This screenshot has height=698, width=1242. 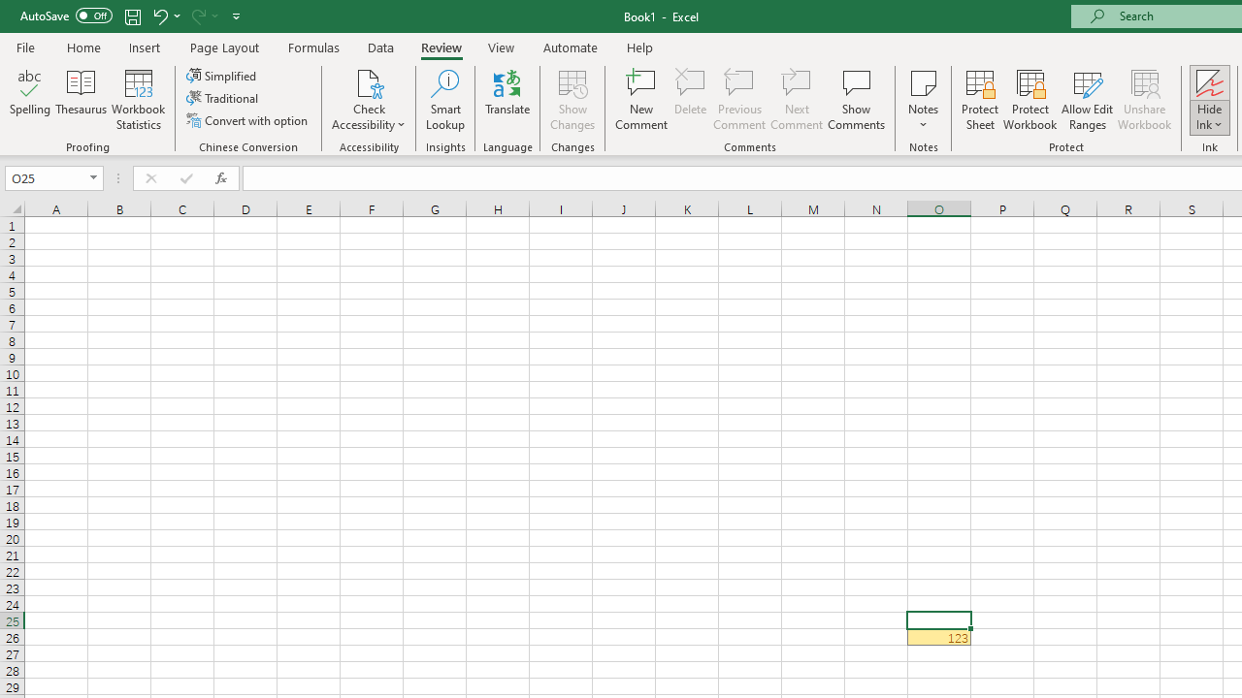 I want to click on 'Page Layout', so click(x=224, y=47).